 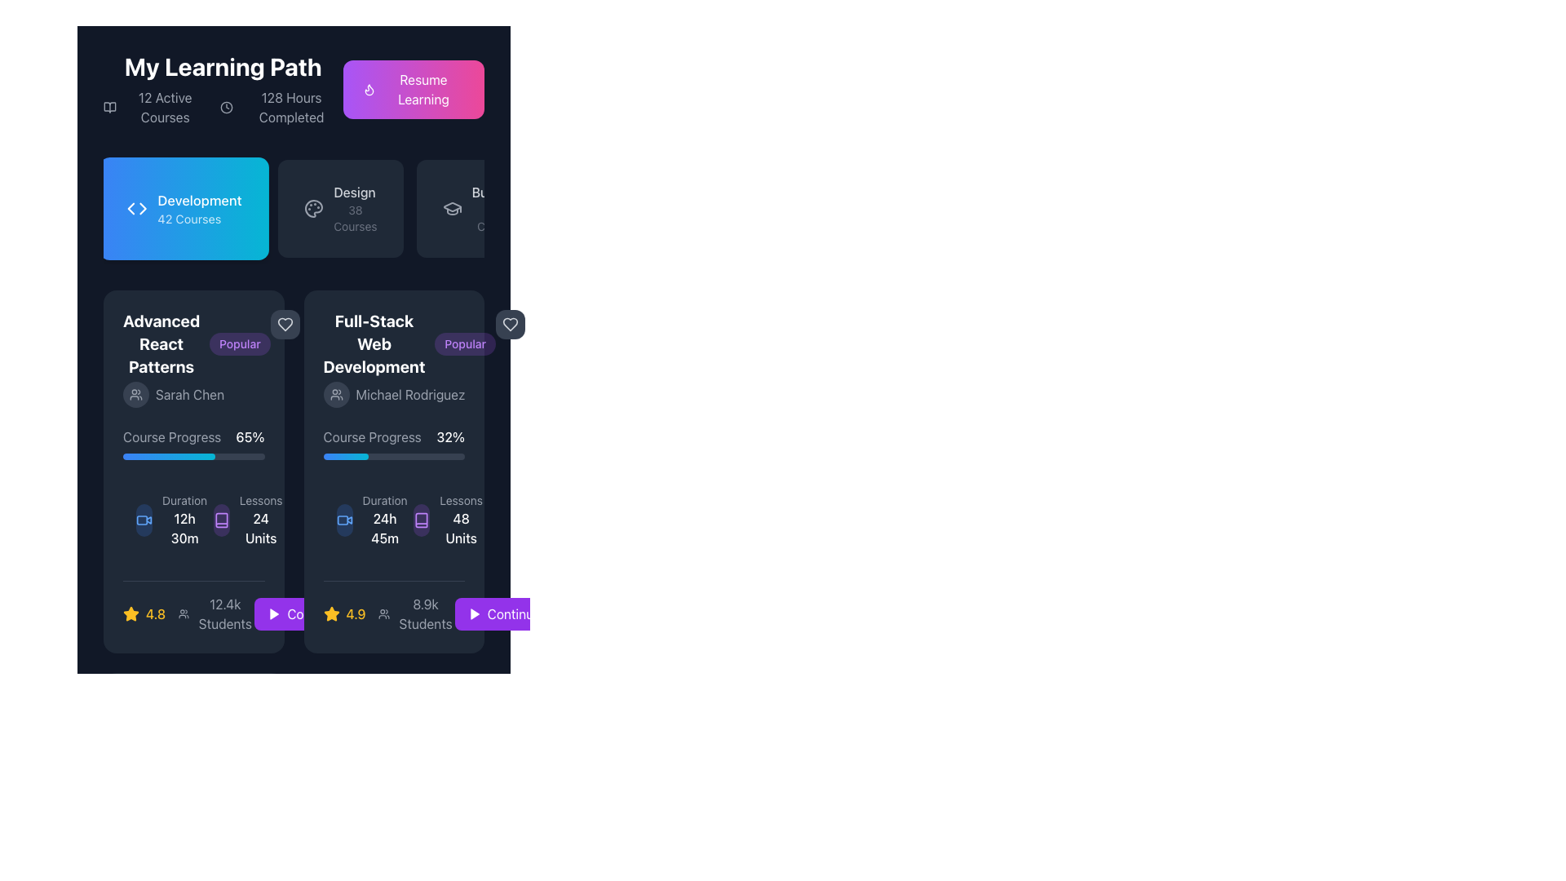 I want to click on the Rating display element which shows a yellow star icon and the numeric value '4.8', located within the course statistics section, so click(x=144, y=613).